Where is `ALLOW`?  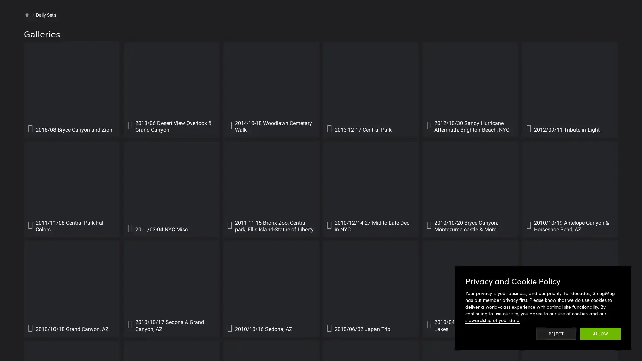
ALLOW is located at coordinates (600, 334).